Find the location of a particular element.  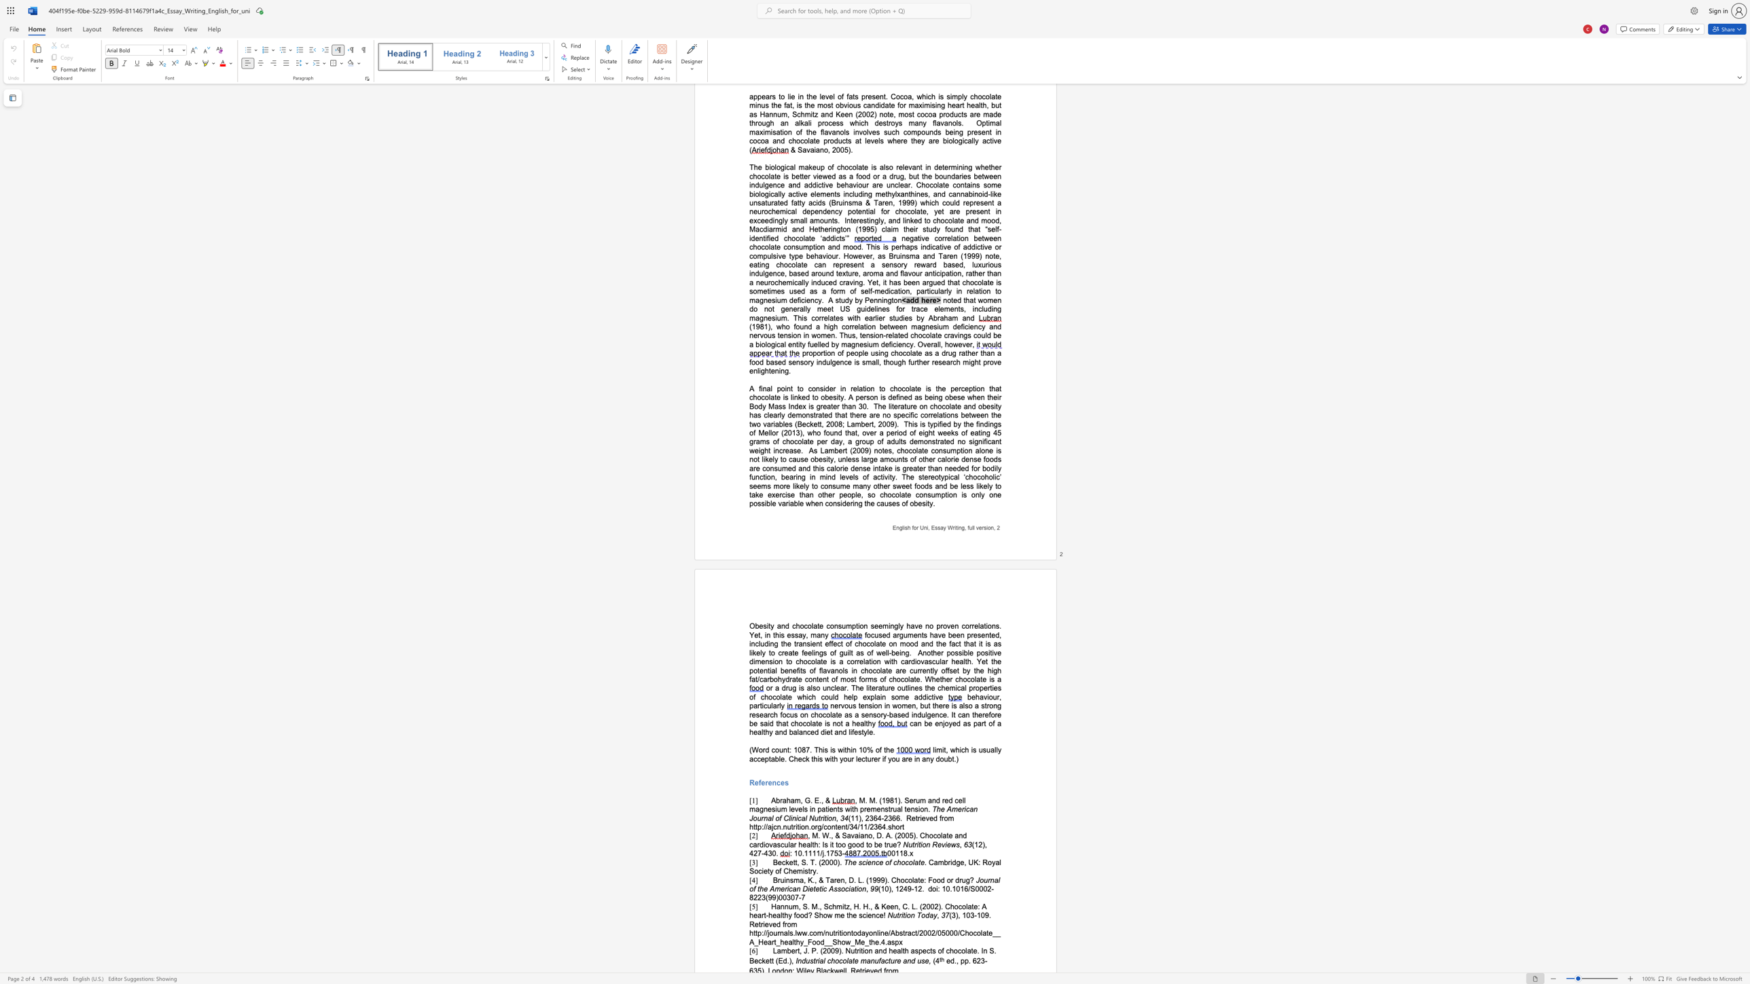

the subset text "and the fact that it is as likely to create feelings of" within the text "focused arguments have been presented, including the transient effect of chocolate on mood and the fact that it is as likely to create feelings of guilt as of well-being" is located at coordinates (920, 644).